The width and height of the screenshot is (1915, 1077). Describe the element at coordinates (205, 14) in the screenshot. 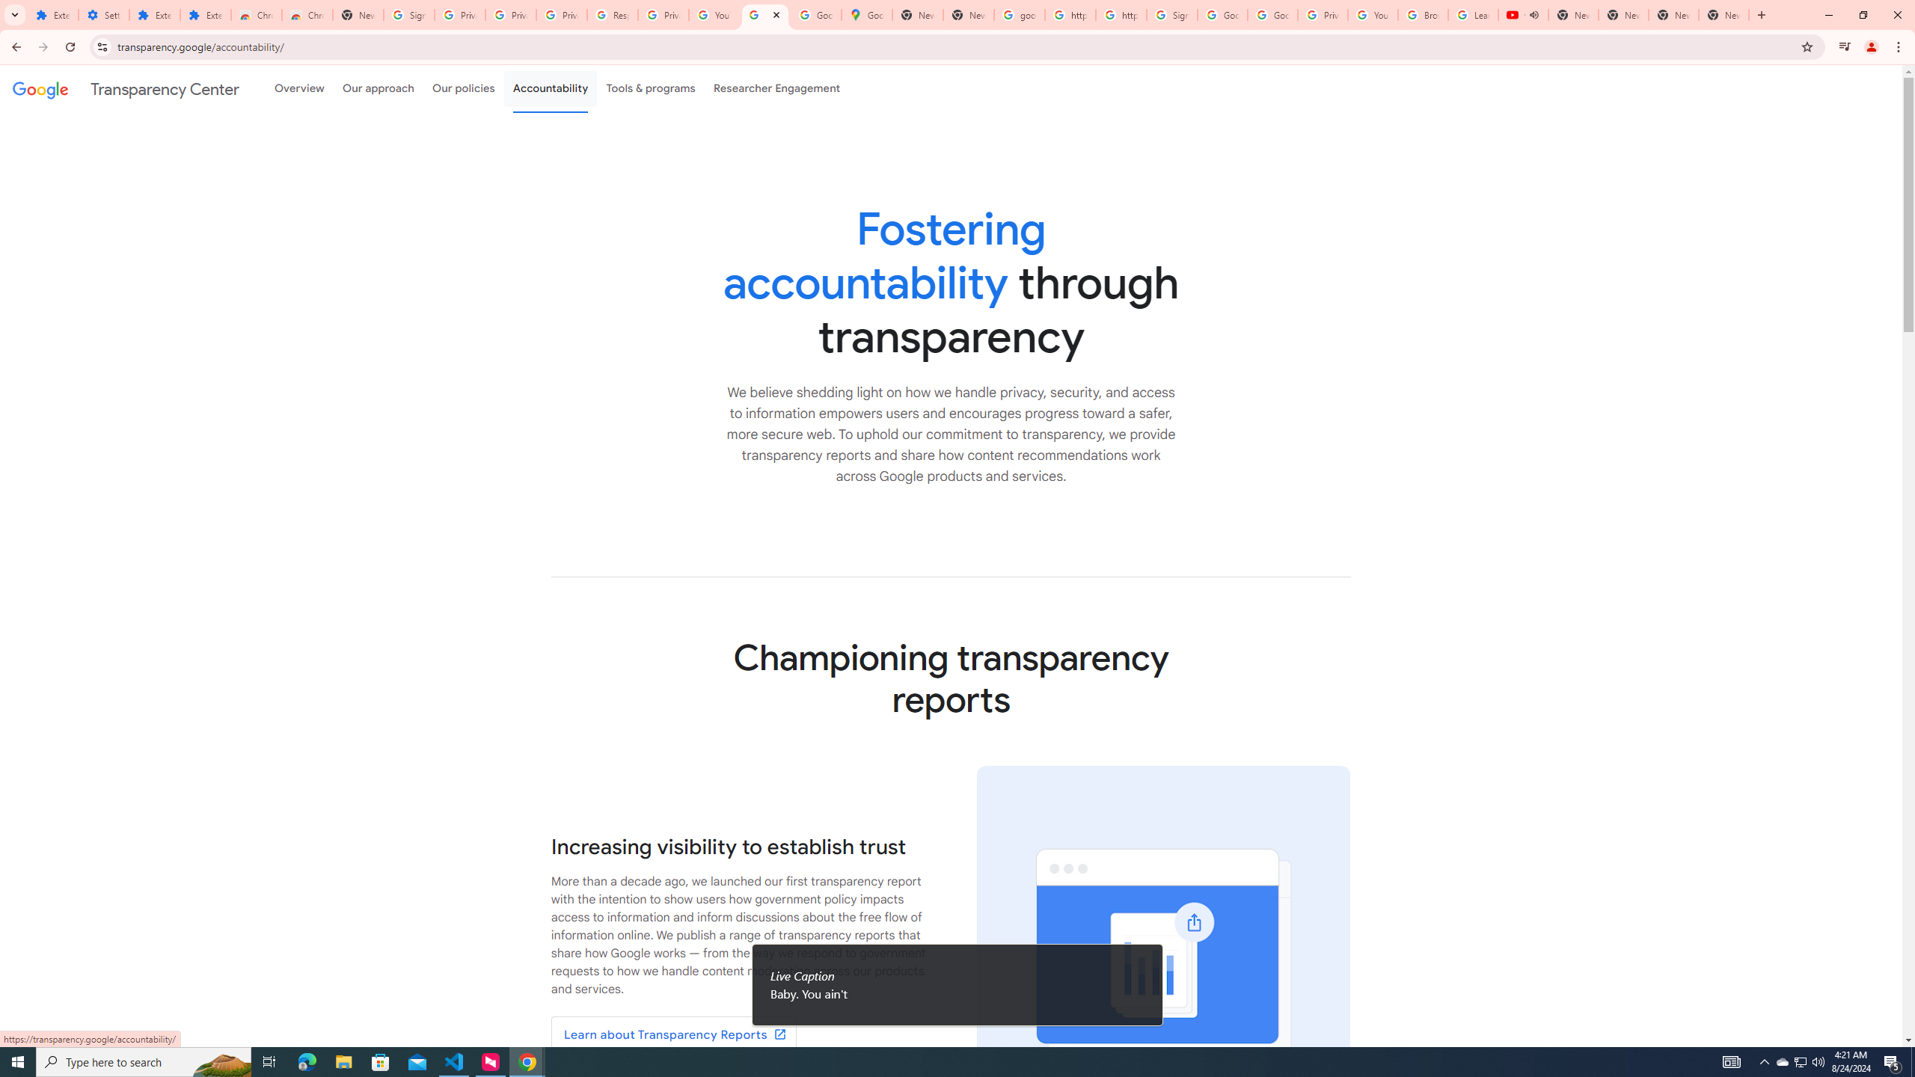

I see `'Extensions'` at that location.